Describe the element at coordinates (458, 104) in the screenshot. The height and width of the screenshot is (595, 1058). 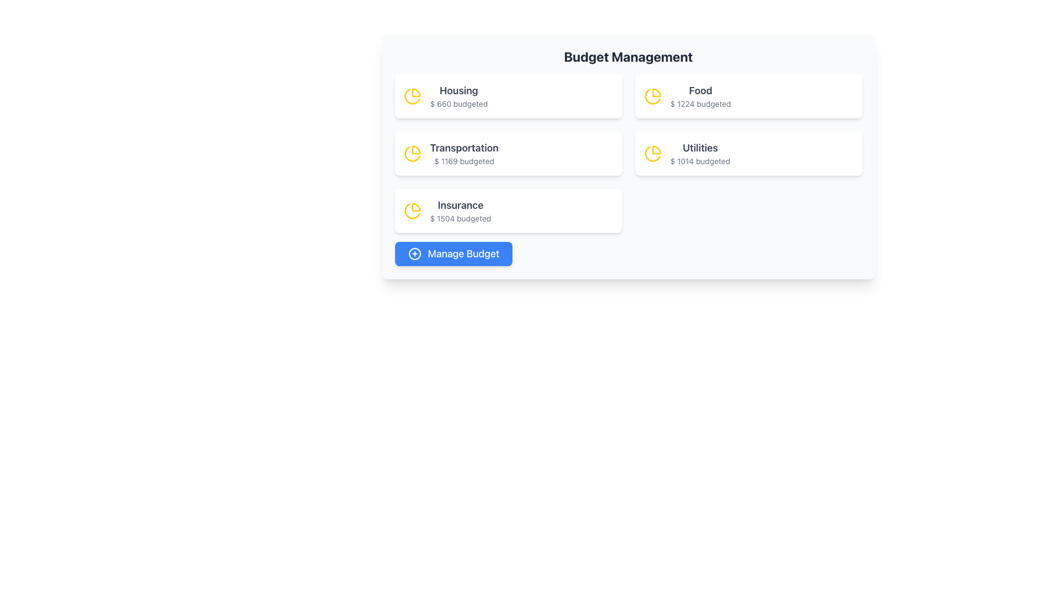
I see `the Static Text displaying '$ 660 budgeted' located below the 'Housing' title in the Budget Management section` at that location.